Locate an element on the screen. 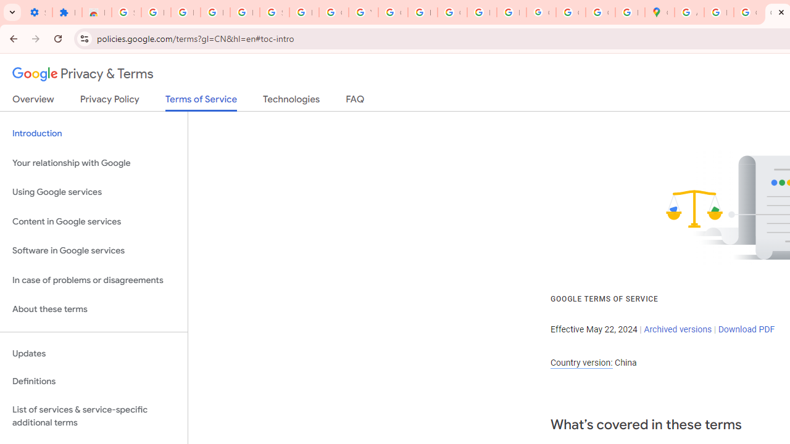  'In case of problems or disagreements' is located at coordinates (93, 280).